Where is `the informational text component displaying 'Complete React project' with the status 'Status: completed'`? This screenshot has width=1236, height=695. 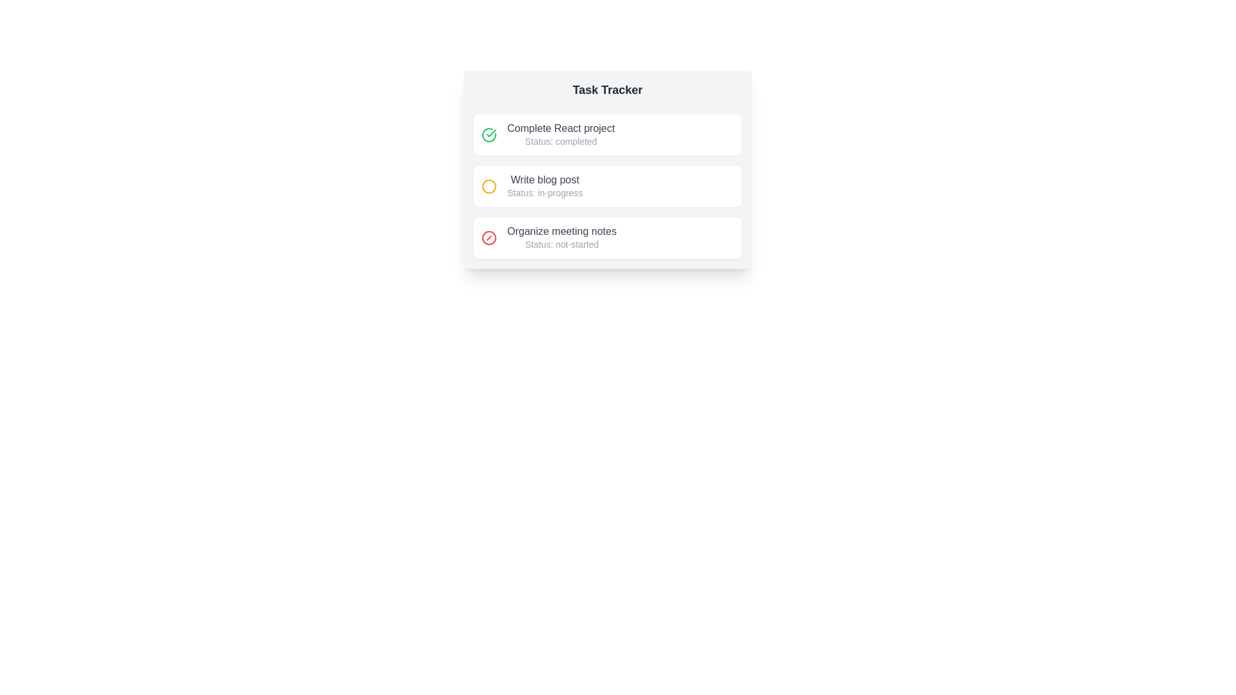
the informational text component displaying 'Complete React project' with the status 'Status: completed' is located at coordinates (561, 134).